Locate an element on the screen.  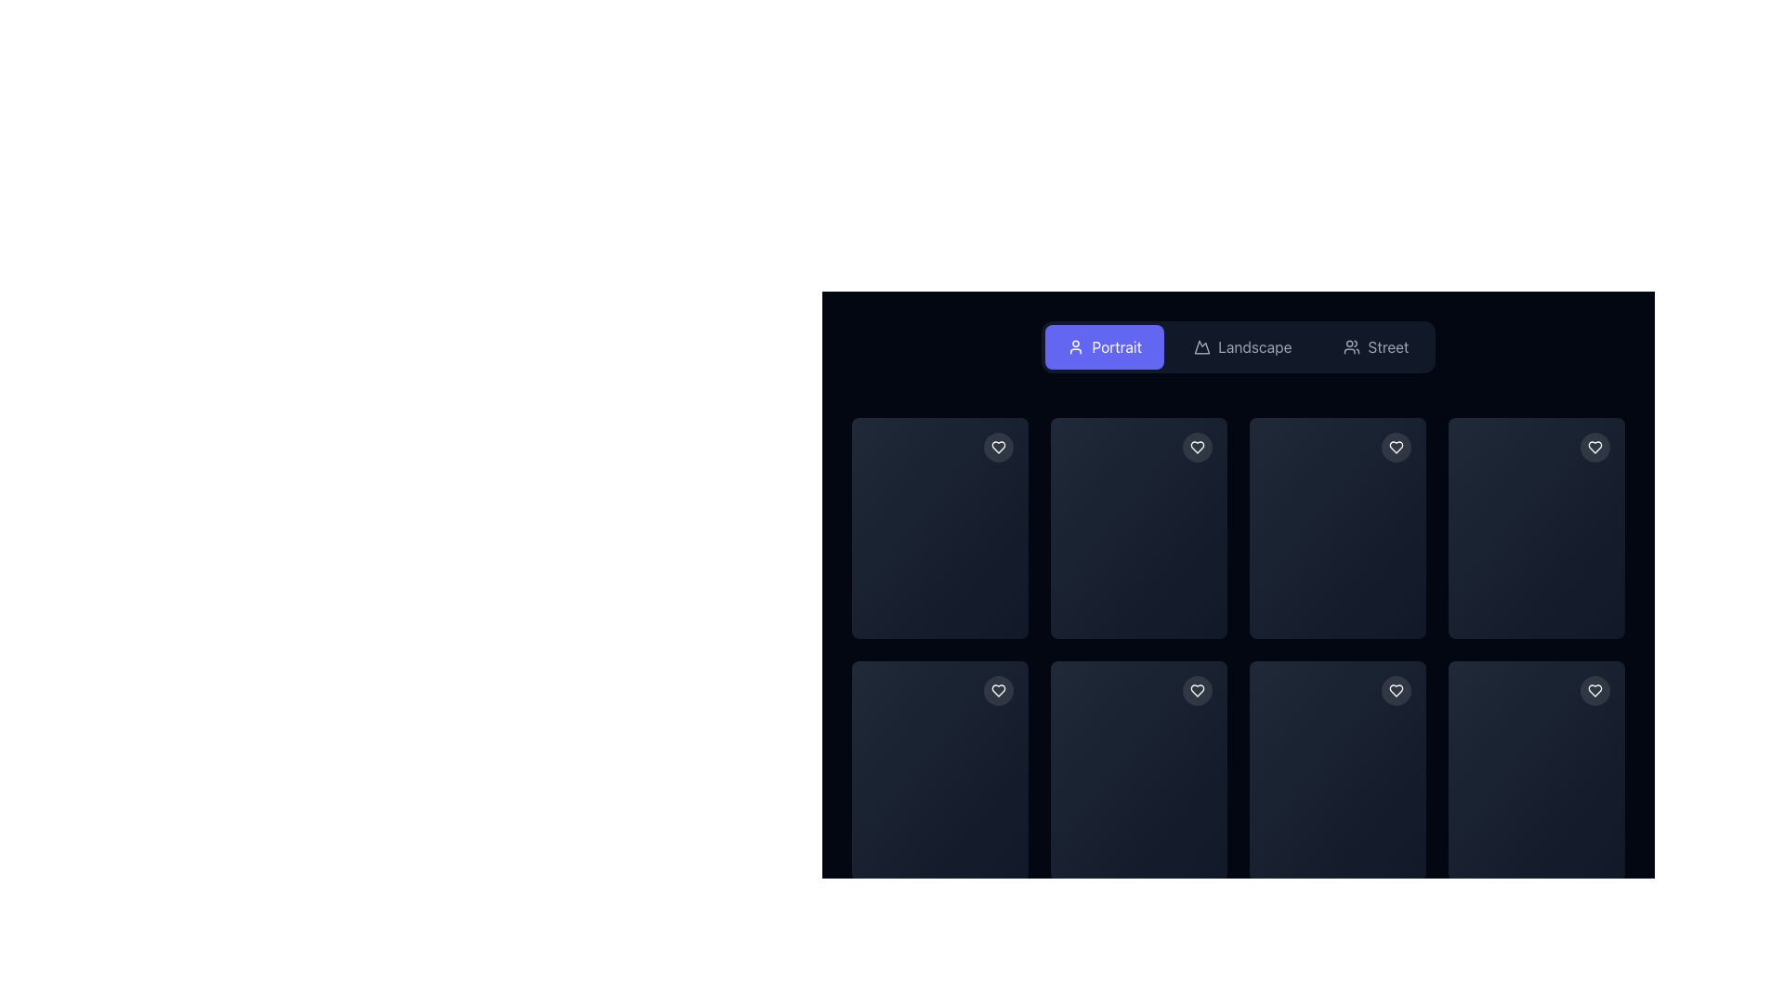
the circular heart icon button located at the top-right corner of the card to observe its hover effect is located at coordinates (1198, 448).